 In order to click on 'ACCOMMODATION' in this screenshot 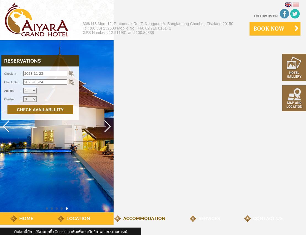, I will do `click(144, 218)`.